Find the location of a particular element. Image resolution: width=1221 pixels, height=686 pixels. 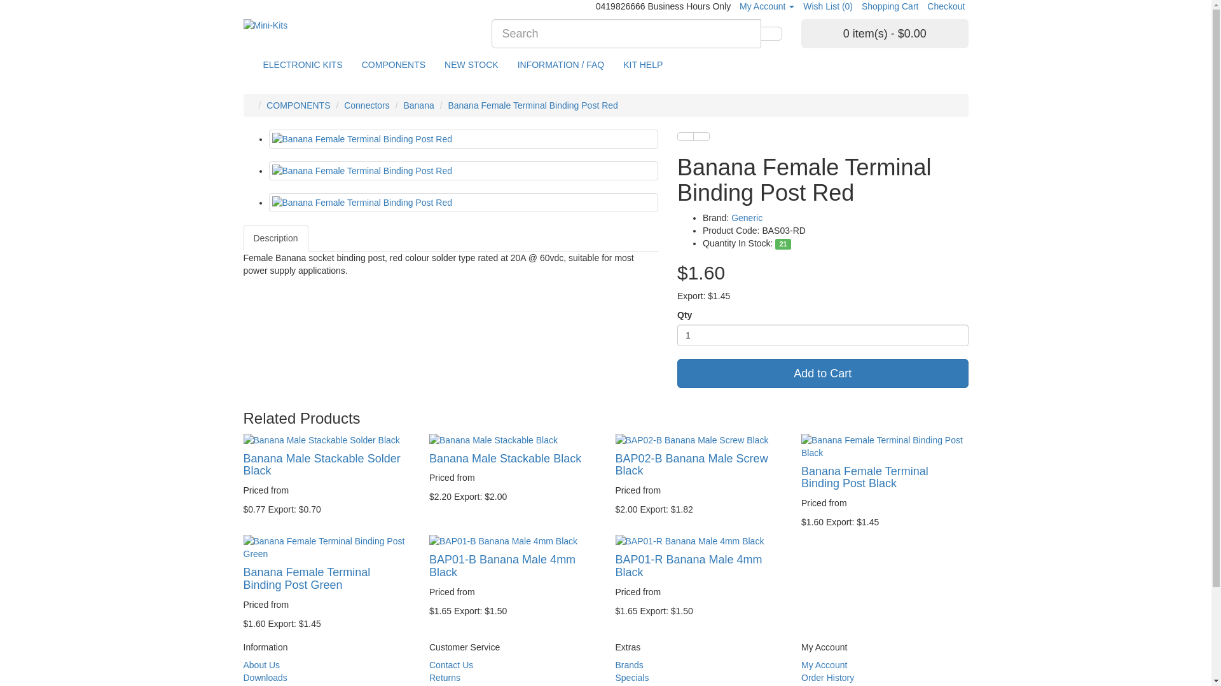

'Specials' is located at coordinates (632, 677).